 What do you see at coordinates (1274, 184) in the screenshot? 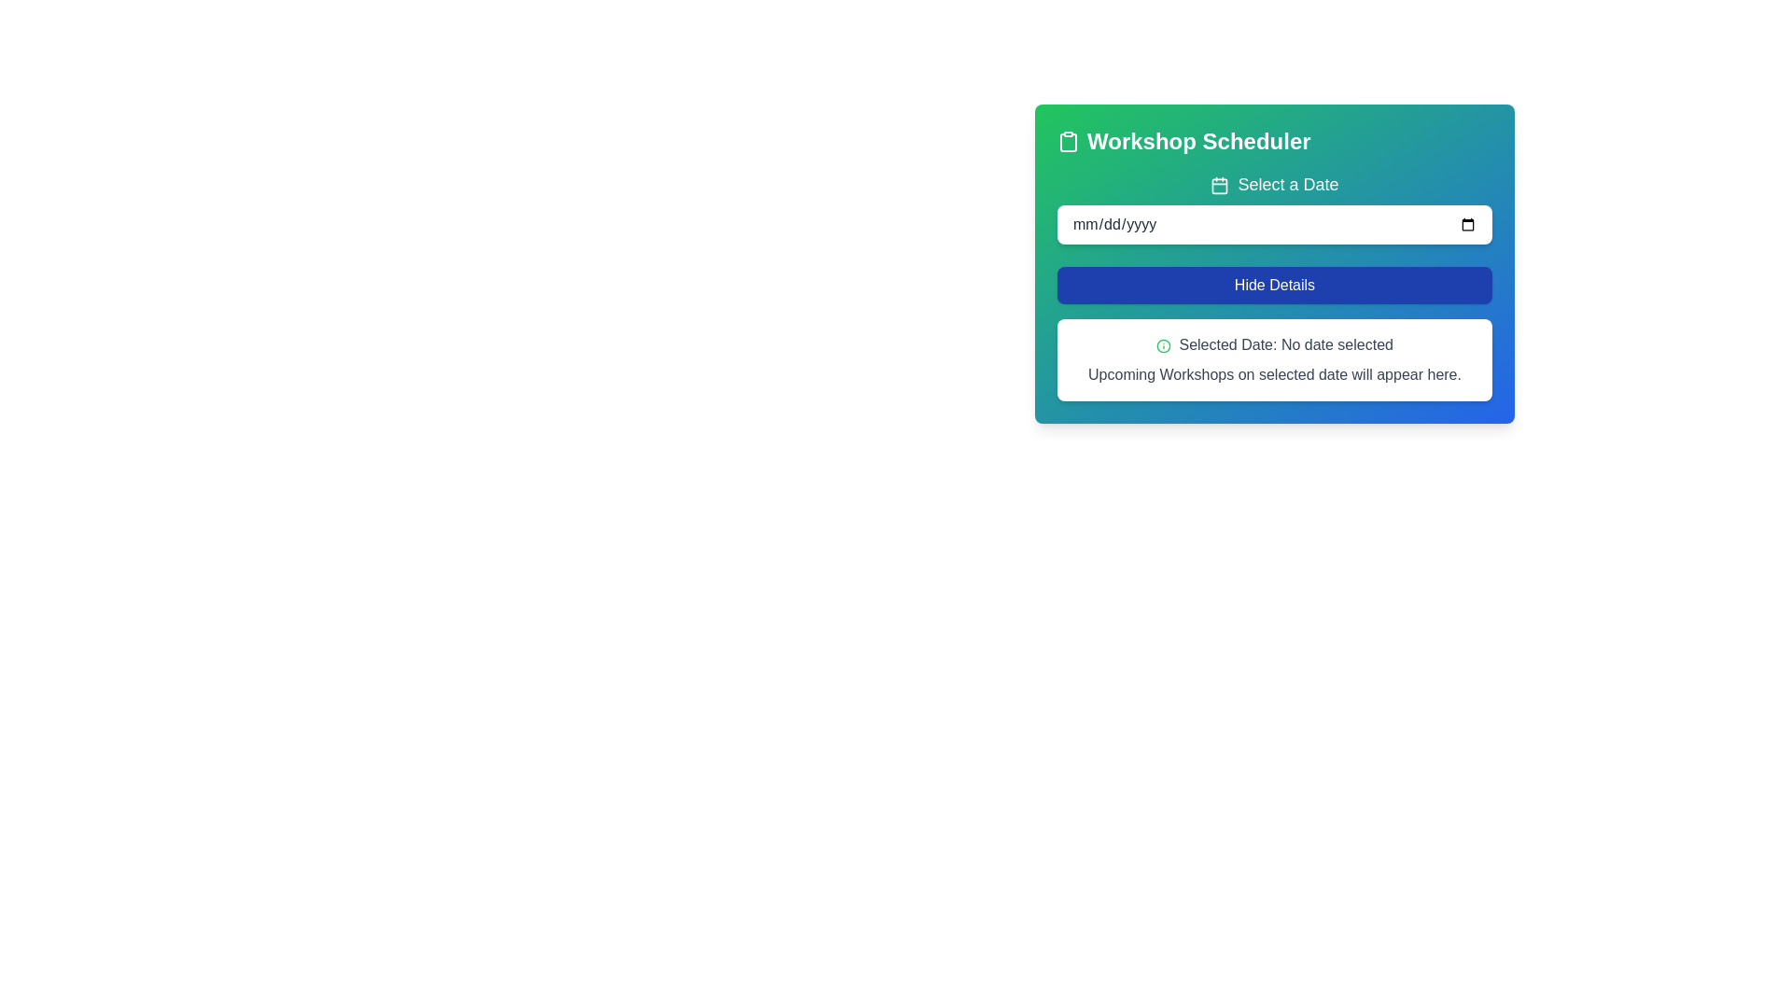
I see `the label element that provides instructions for the date input field located above the white input field with placeholder text 'mm/dd/yyyy'` at bounding box center [1274, 184].